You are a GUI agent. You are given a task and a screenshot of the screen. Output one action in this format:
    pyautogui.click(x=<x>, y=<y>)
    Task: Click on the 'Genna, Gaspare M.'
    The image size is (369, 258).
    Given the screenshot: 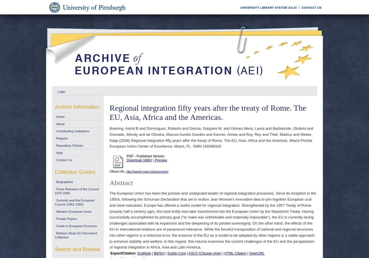 What is the action you would take?
    pyautogui.click(x=206, y=128)
    